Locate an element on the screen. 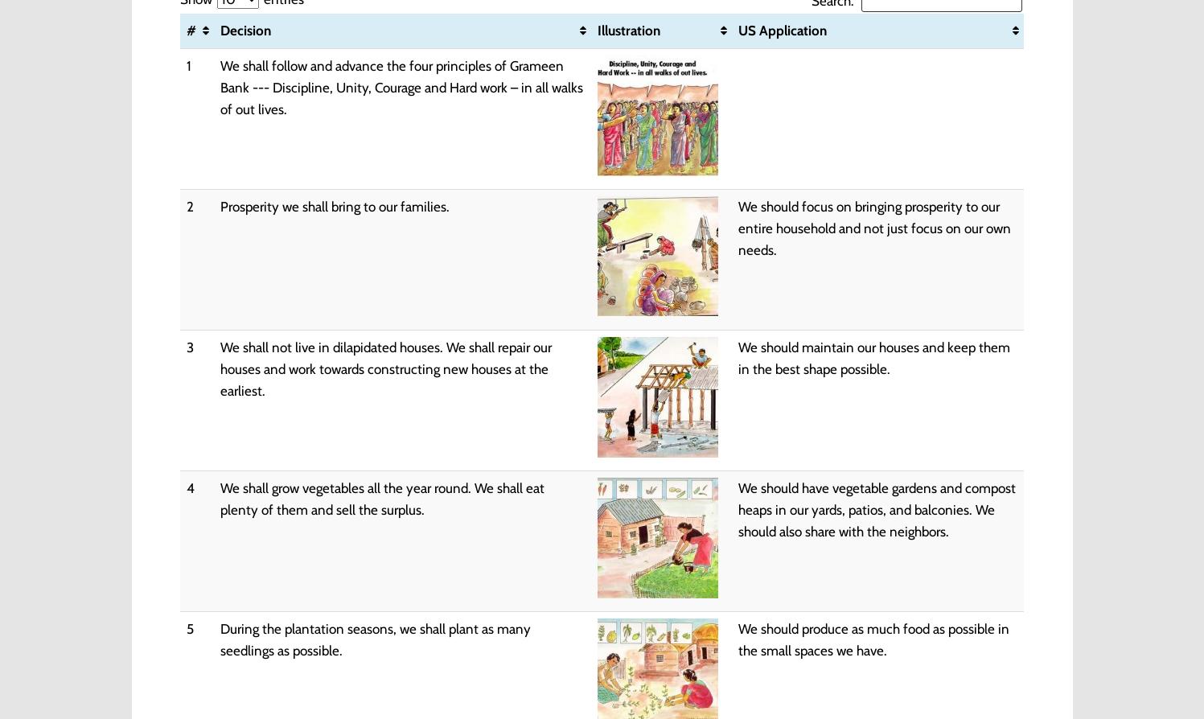  'Illustration' is located at coordinates (627, 30).